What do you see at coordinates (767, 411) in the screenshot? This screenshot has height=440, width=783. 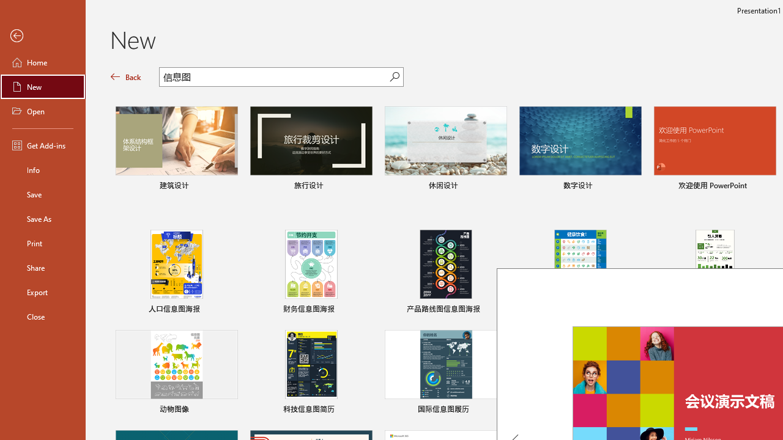 I see `'Pin to list'` at bounding box center [767, 411].